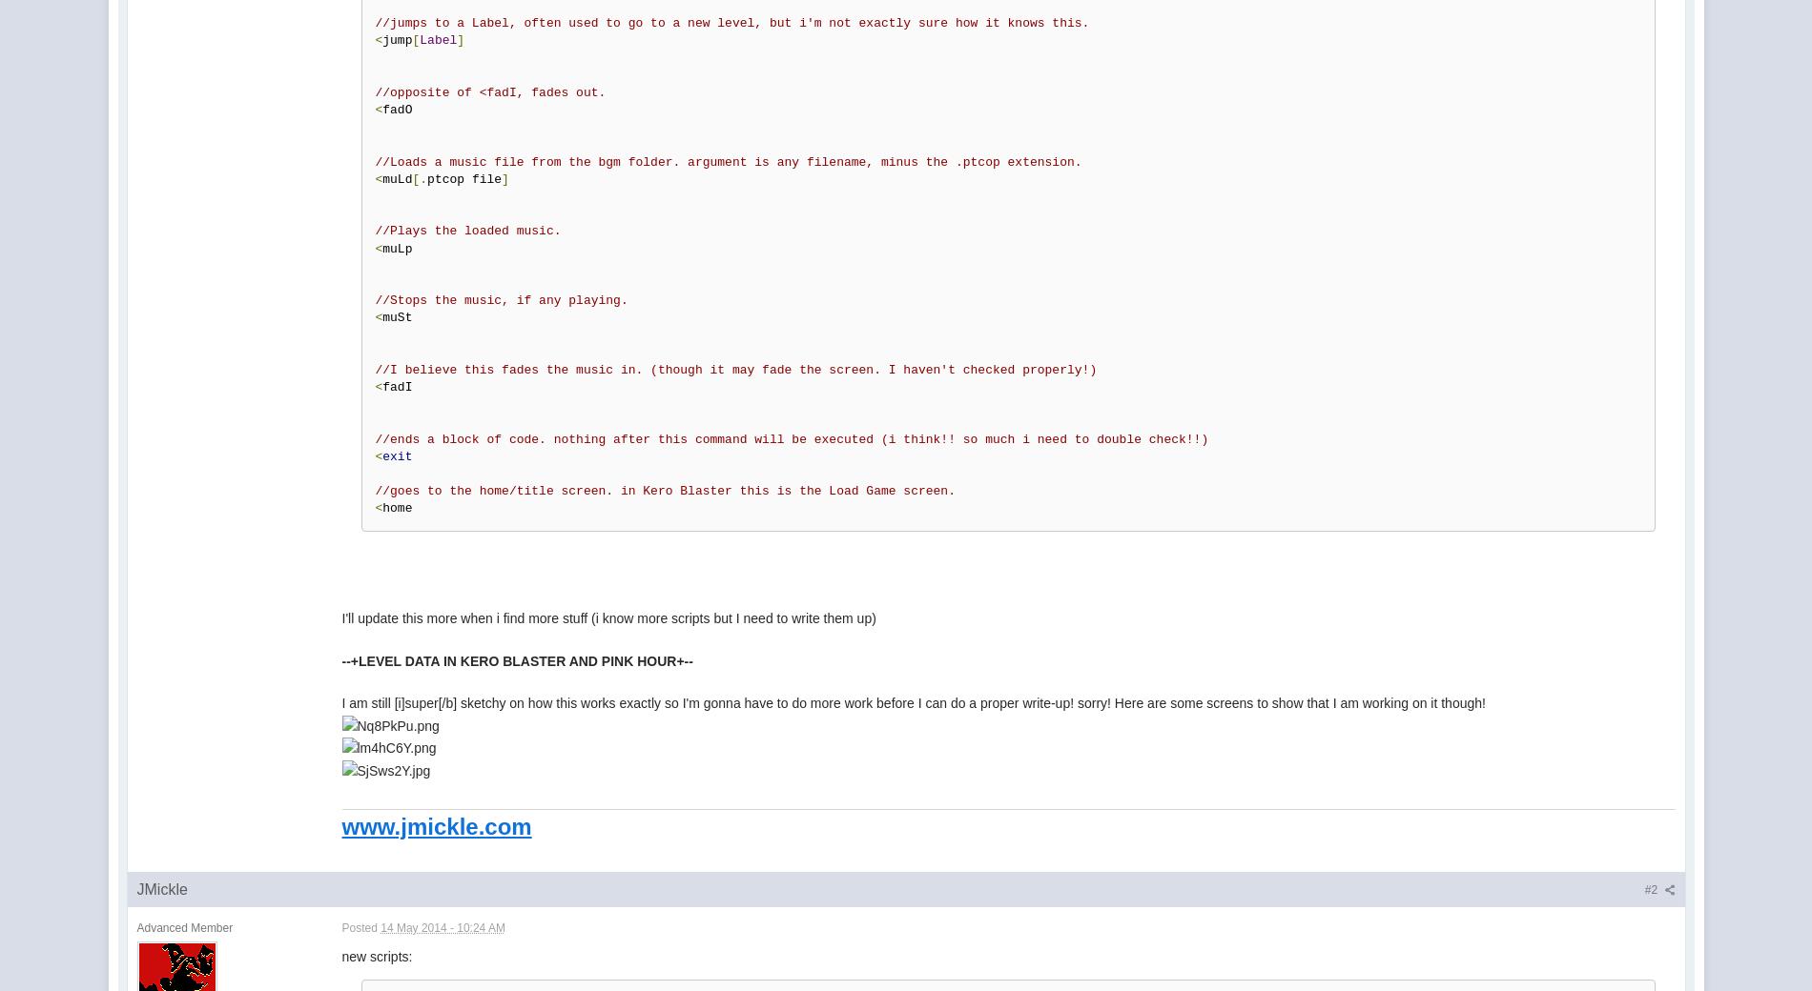 Image resolution: width=1812 pixels, height=991 pixels. What do you see at coordinates (136, 889) in the screenshot?
I see `'JMickle'` at bounding box center [136, 889].